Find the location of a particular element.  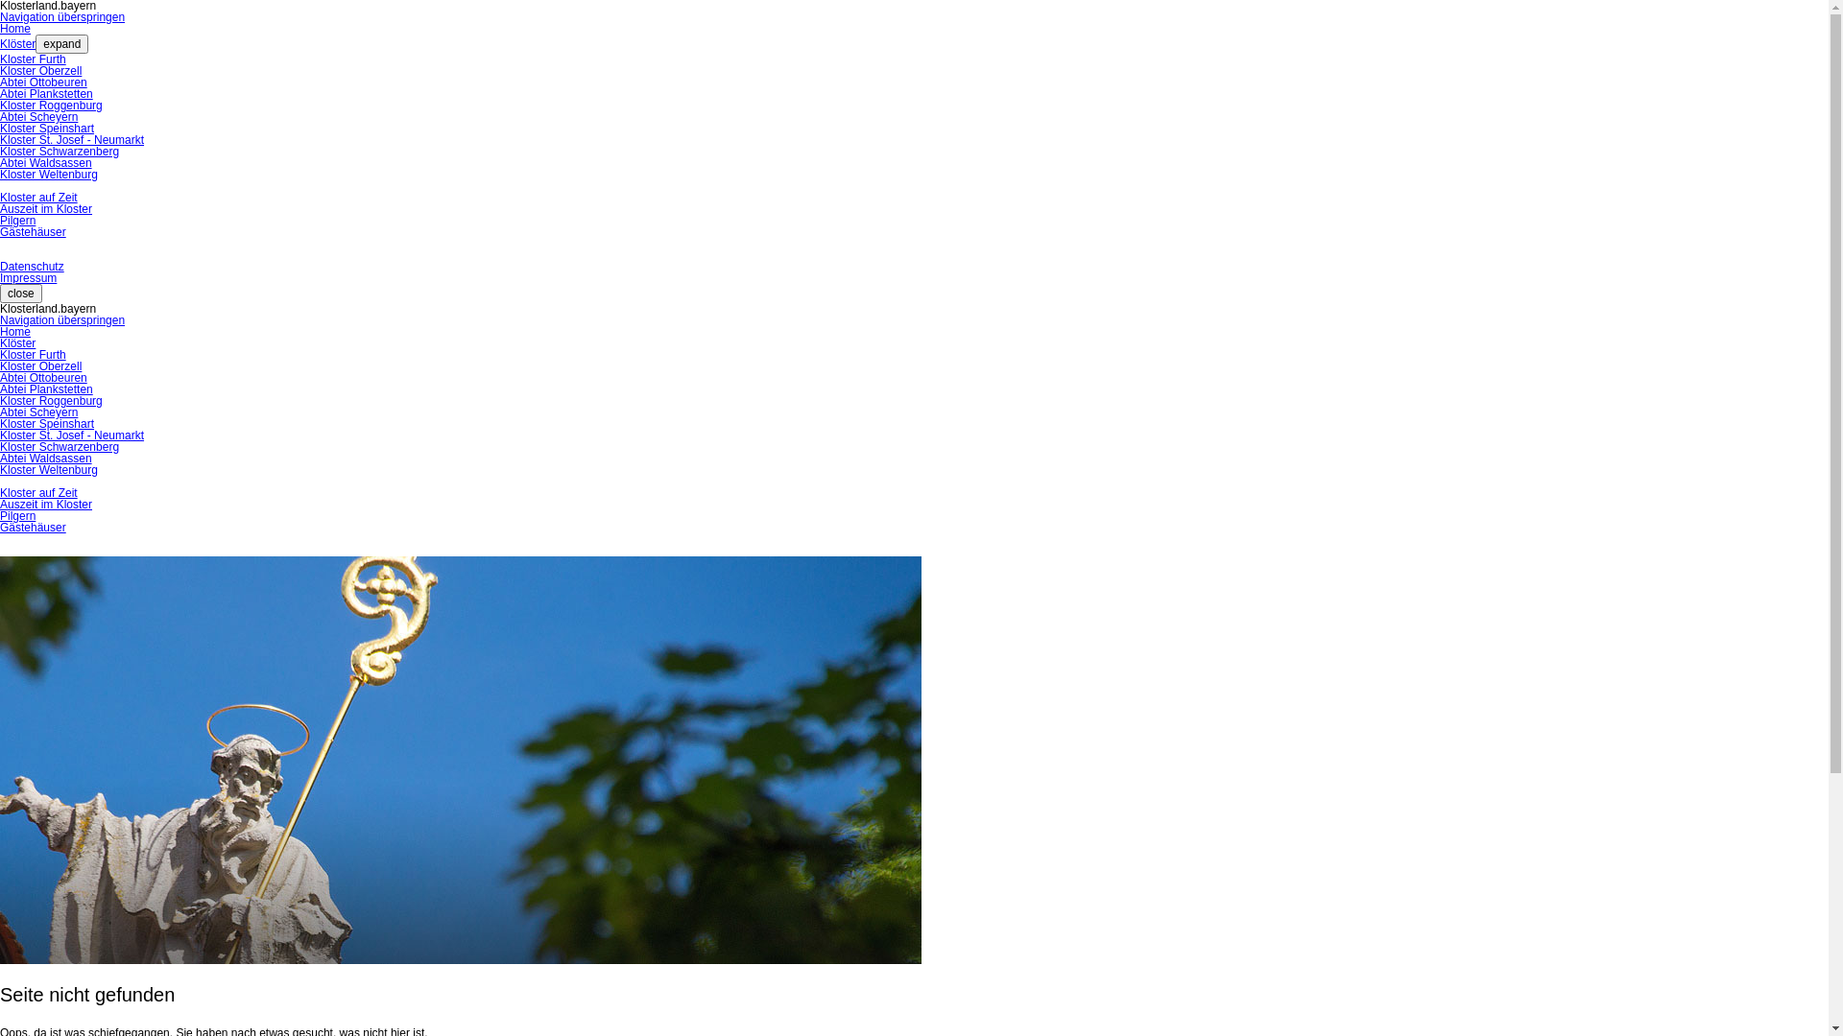

' ' is located at coordinates (1, 254).